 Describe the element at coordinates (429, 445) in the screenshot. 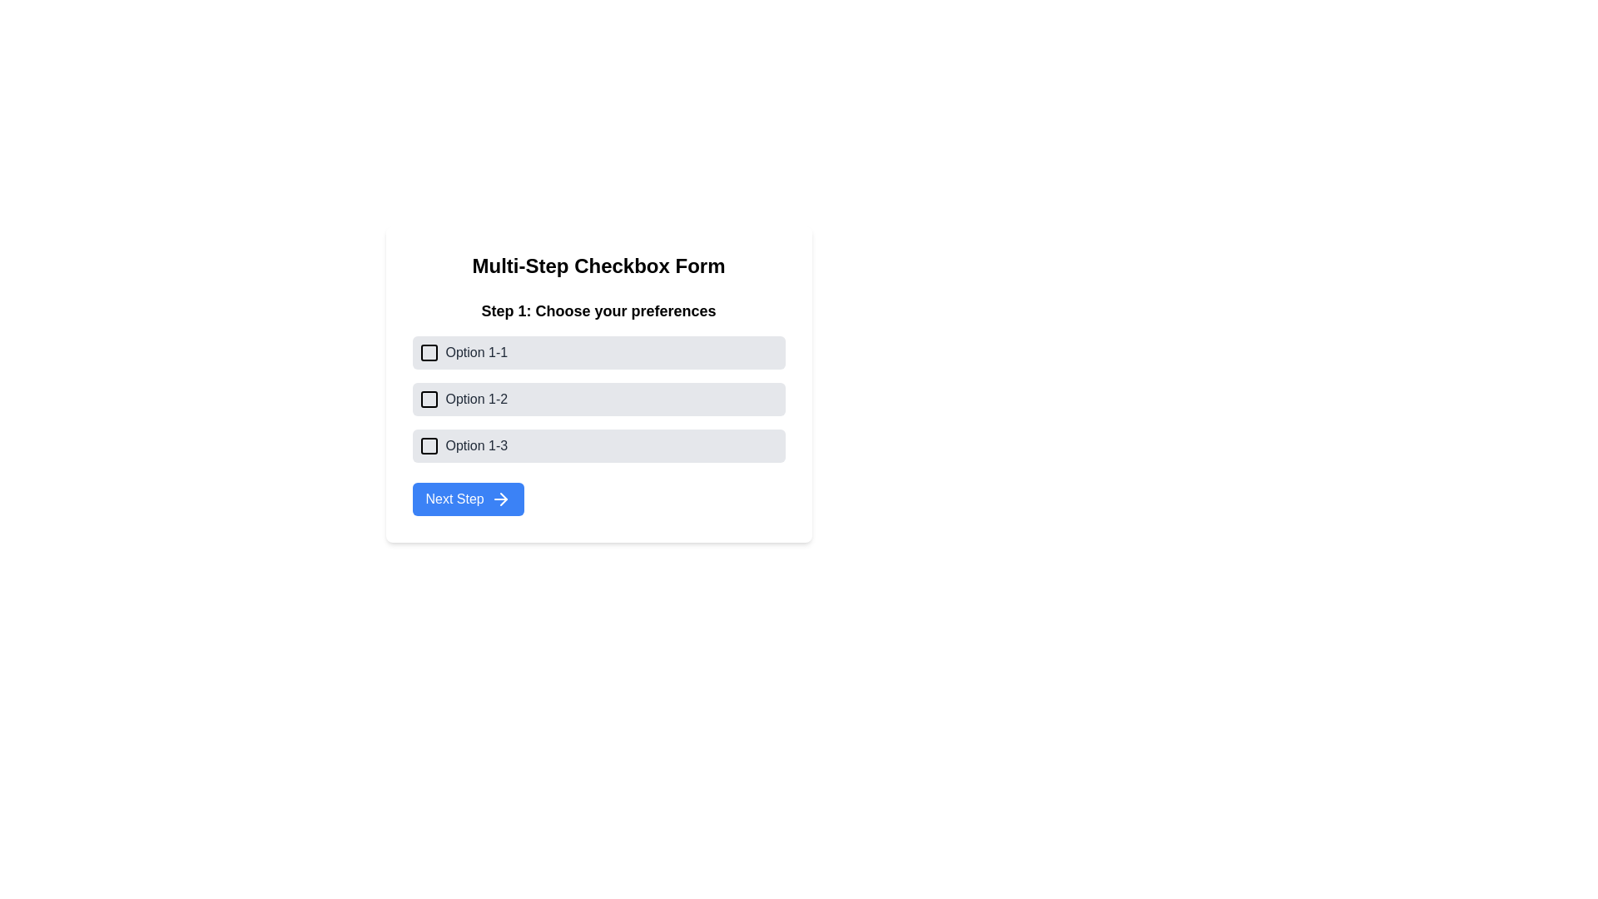

I see `the checkbox labeled 'Option 1-3'` at that location.